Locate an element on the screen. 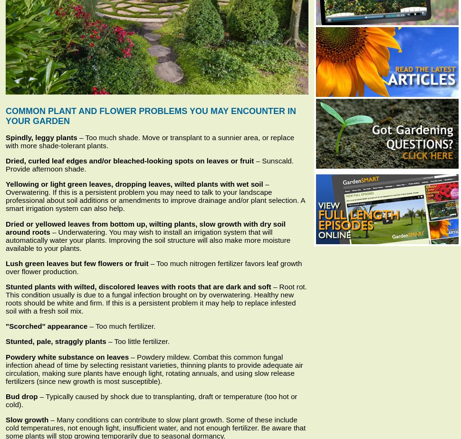  'Dried, curled leaf edges' is located at coordinates (6, 161).